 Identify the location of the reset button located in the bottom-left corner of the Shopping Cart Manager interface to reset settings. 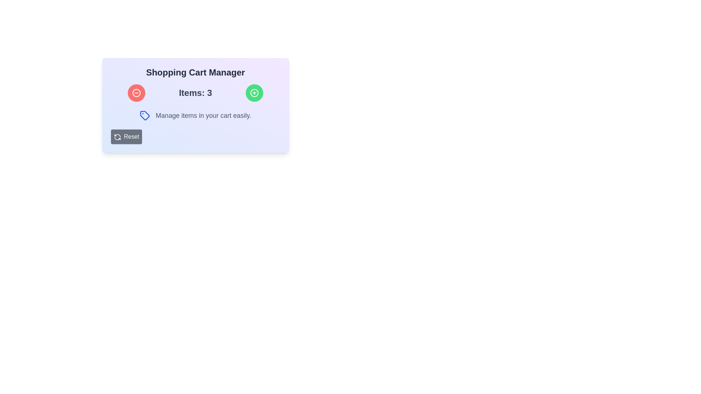
(126, 136).